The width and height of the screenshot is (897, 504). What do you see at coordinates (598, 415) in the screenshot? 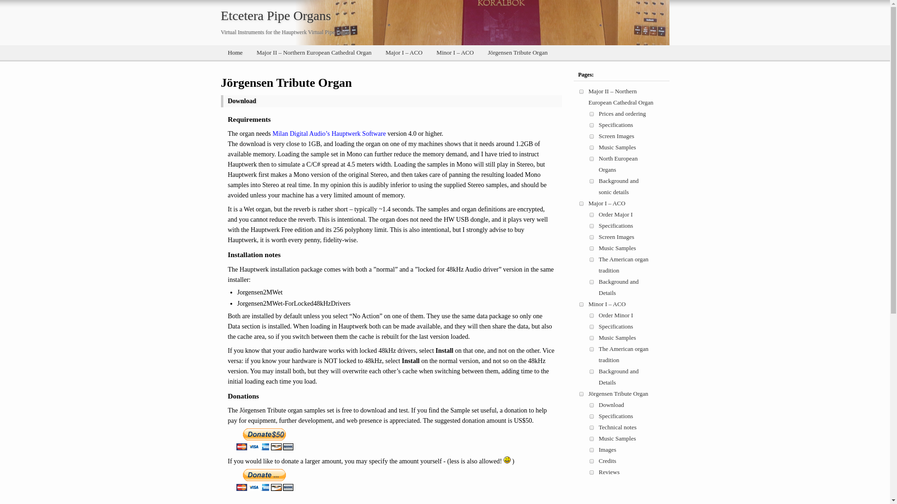
I see `'Specifications'` at bounding box center [598, 415].